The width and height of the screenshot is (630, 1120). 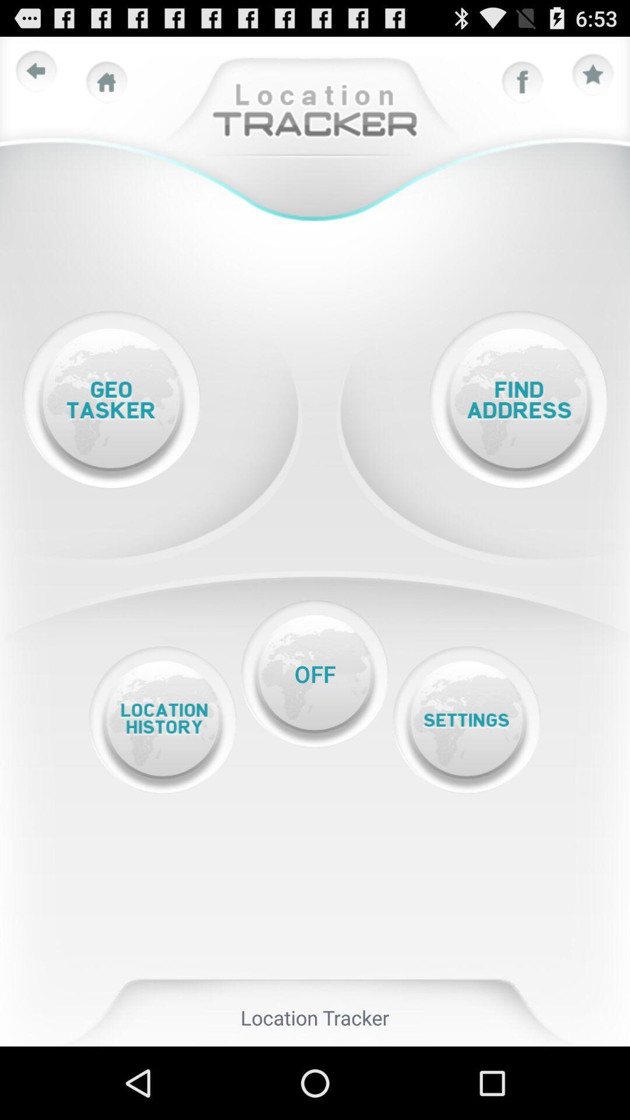 I want to click on geo tasker, so click(x=111, y=400).